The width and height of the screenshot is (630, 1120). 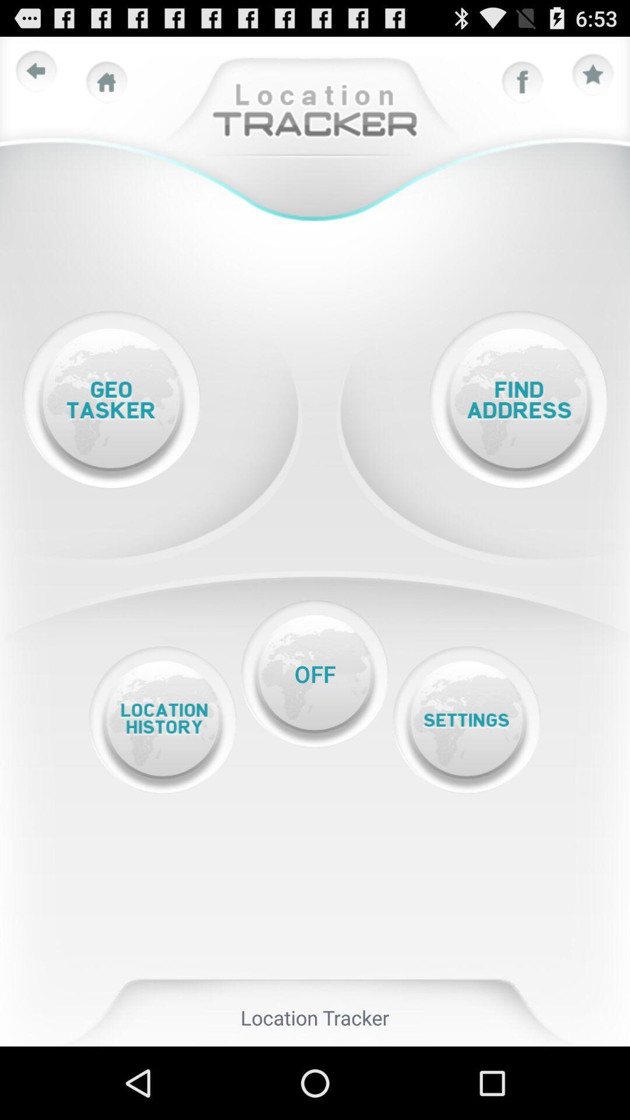 I want to click on geo tasker, so click(x=111, y=400).